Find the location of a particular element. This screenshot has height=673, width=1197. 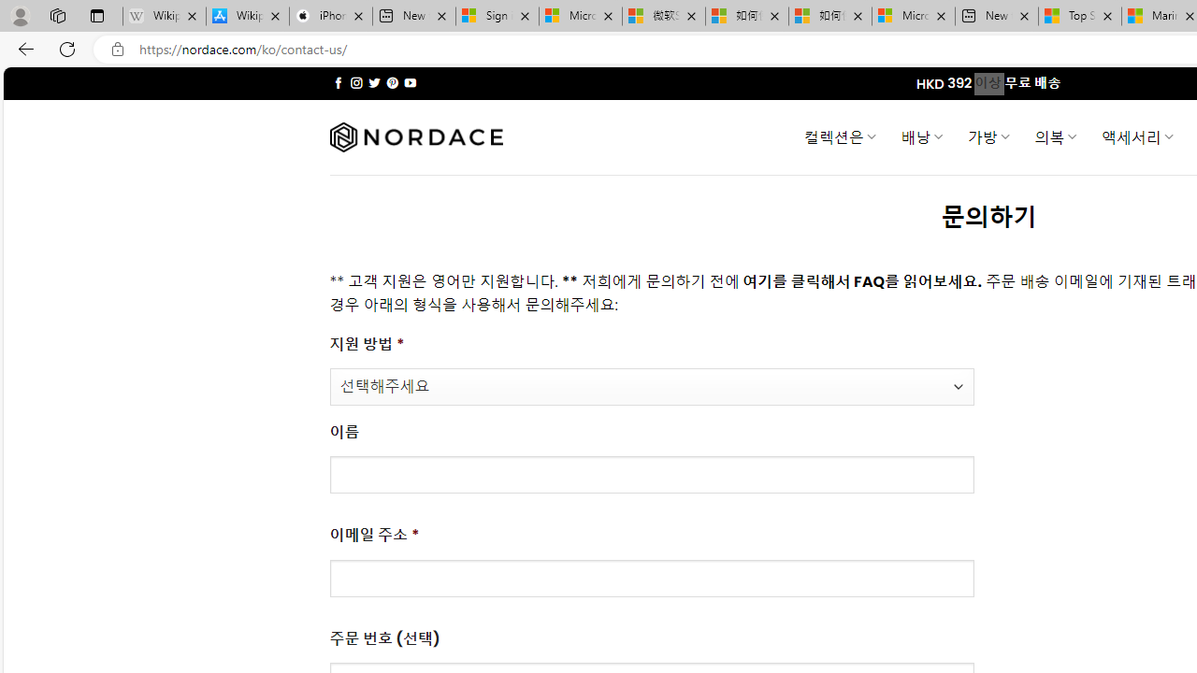

'Sign in to your Microsoft account' is located at coordinates (497, 16).